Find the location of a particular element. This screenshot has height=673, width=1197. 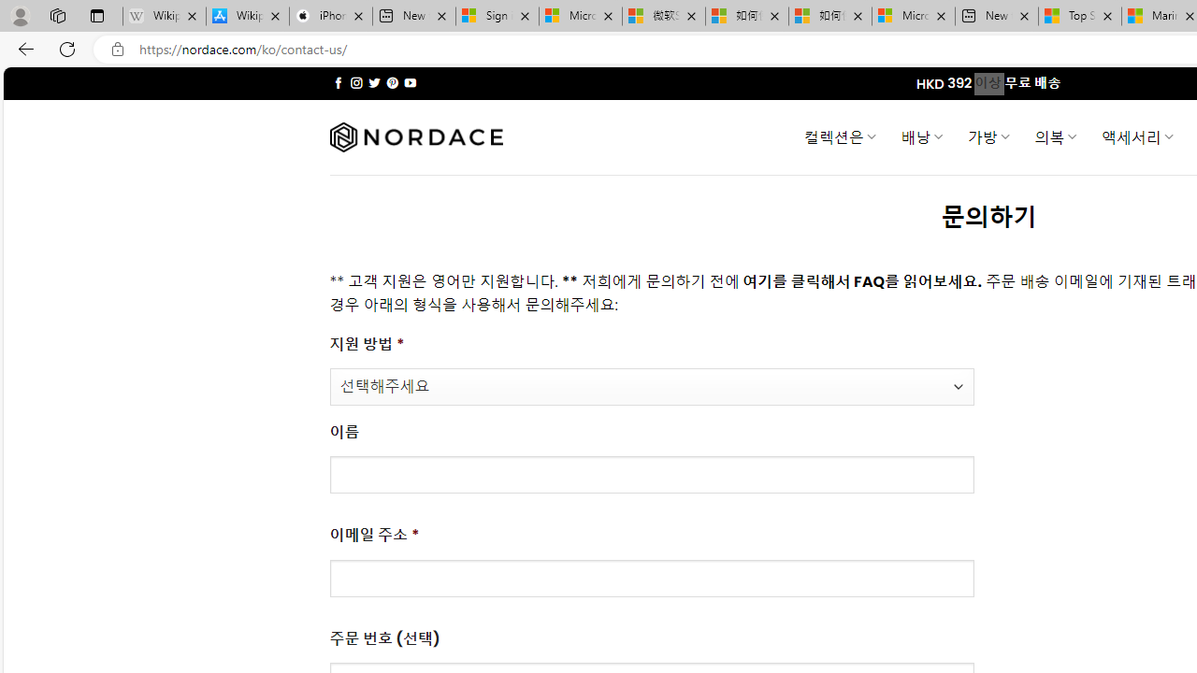

'Sign in to your Microsoft account' is located at coordinates (497, 16).